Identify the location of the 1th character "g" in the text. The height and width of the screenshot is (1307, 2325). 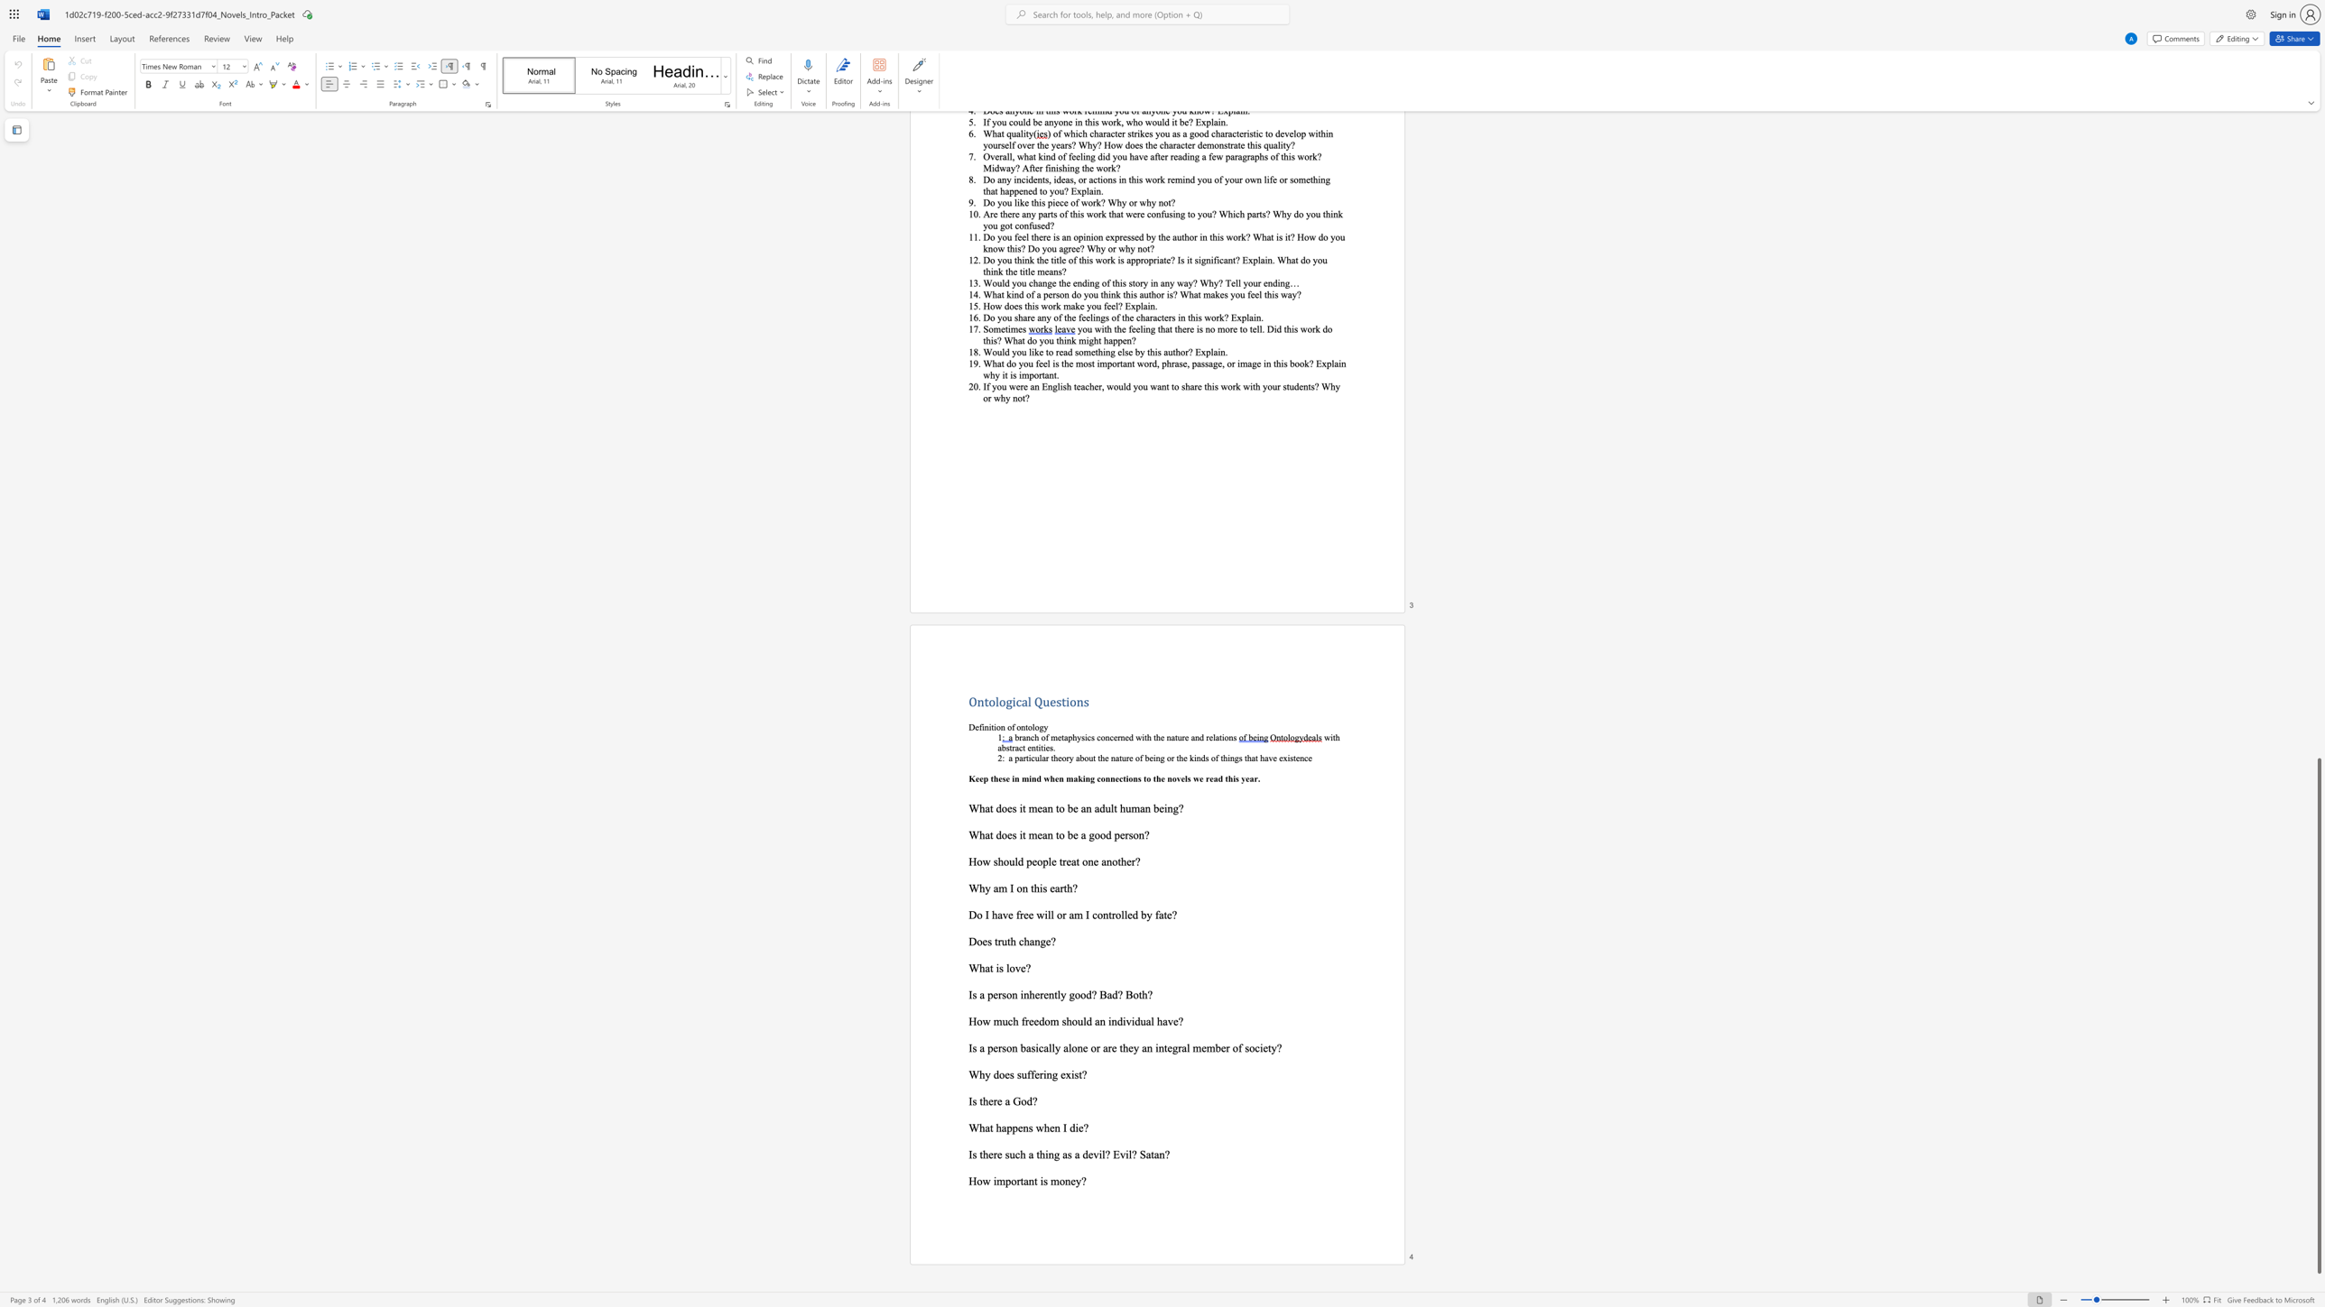
(1041, 726).